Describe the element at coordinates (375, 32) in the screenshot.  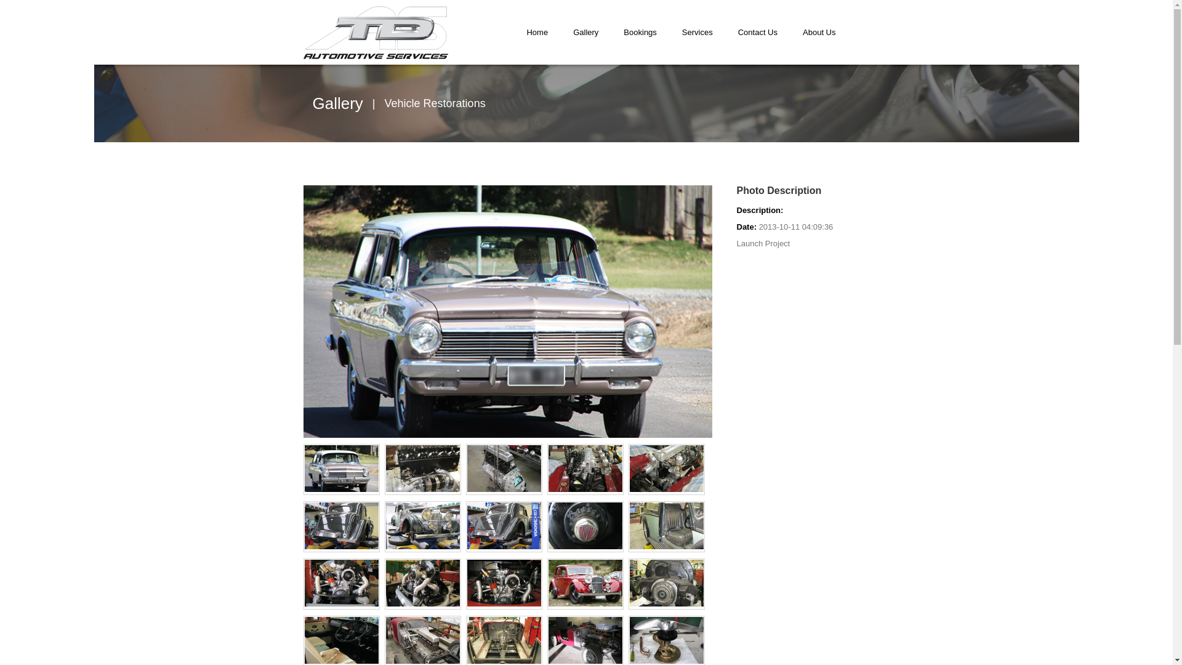
I see `'TD Automotive Services'` at that location.